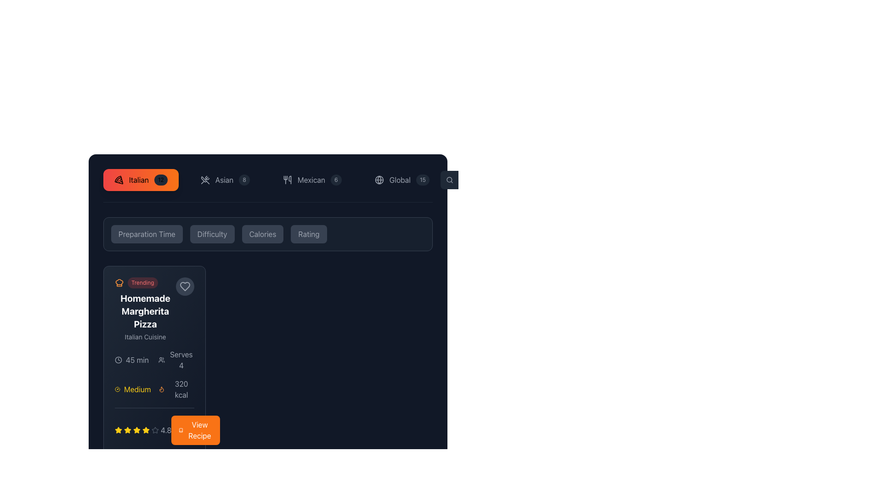  I want to click on 'Global' category text label located to the right of the globe icon in the upper right section of the interface, so click(400, 180).